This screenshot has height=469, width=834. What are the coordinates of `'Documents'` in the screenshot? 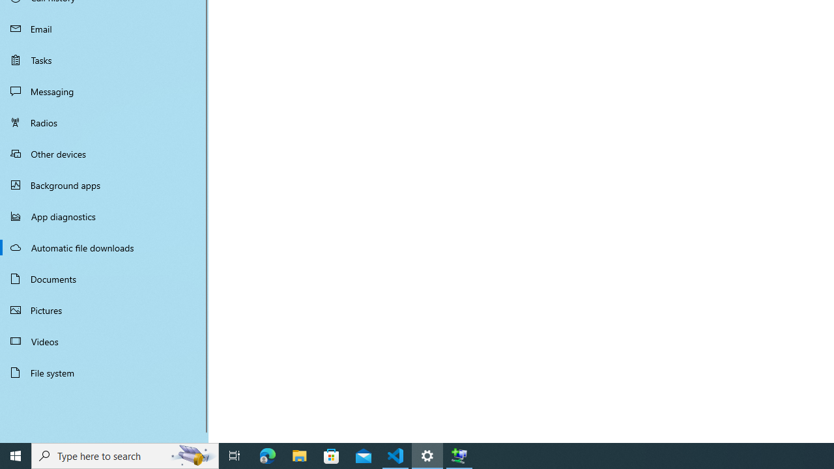 It's located at (104, 278).